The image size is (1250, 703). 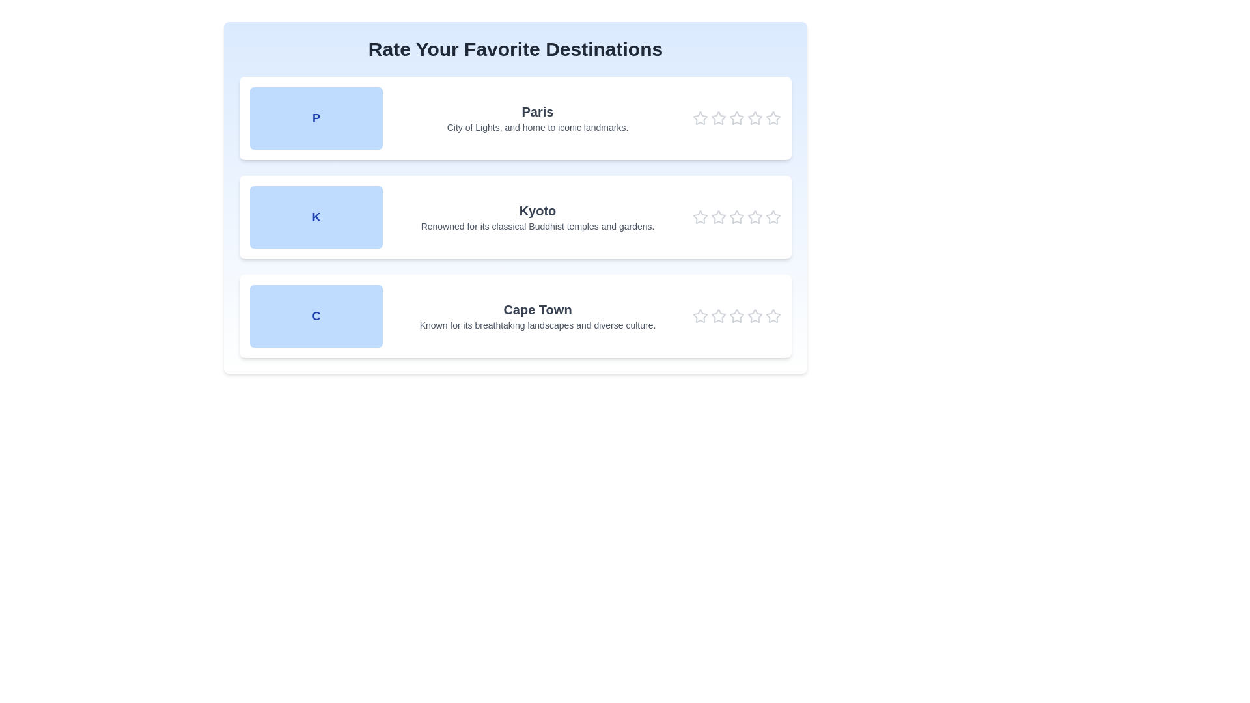 What do you see at coordinates (755, 216) in the screenshot?
I see `the fourth star icon in the rating system for the Kyoto entry, located between the Paris and Cape Town sections` at bounding box center [755, 216].